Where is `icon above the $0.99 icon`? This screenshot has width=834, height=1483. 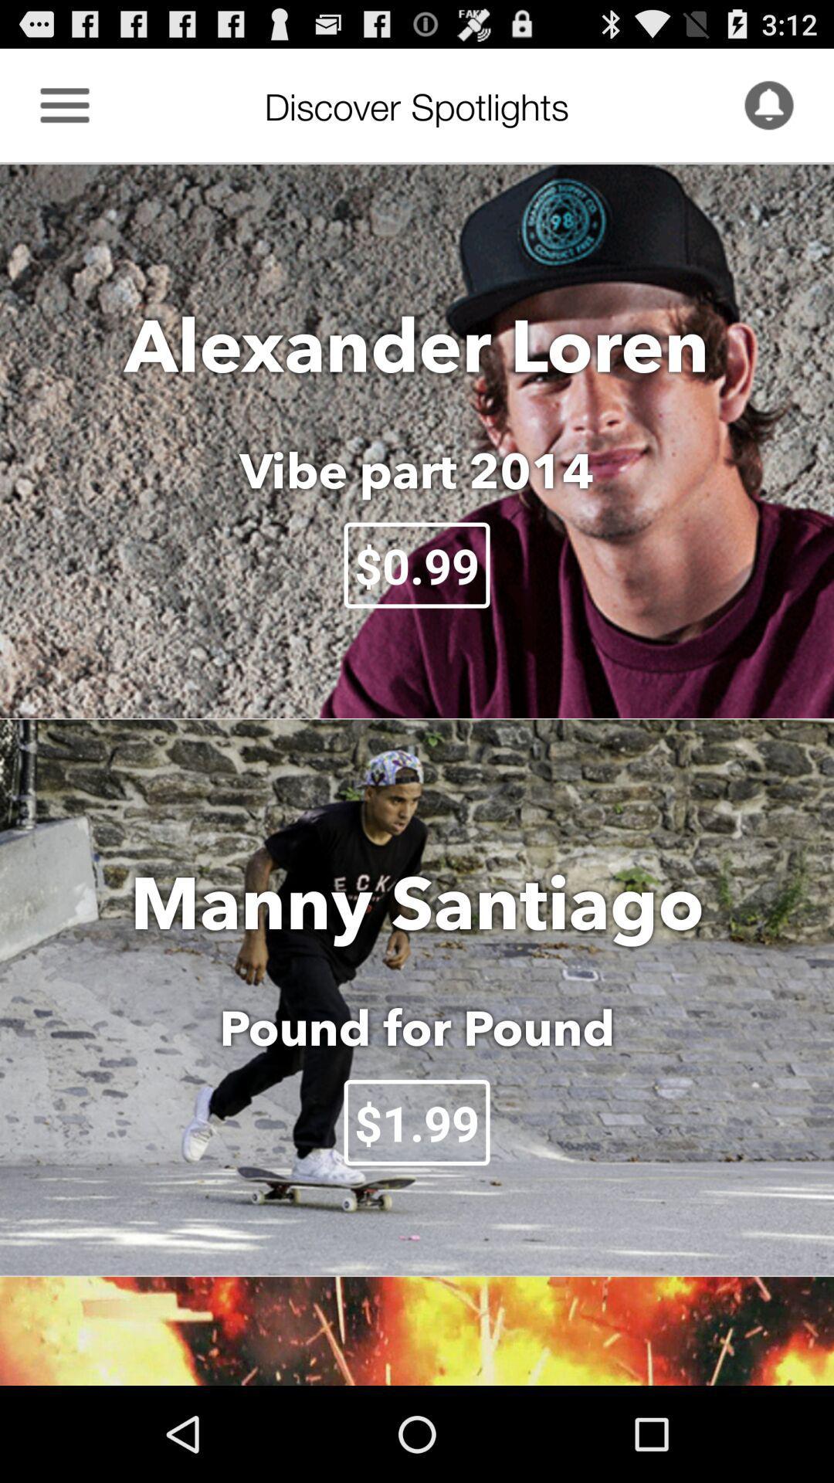
icon above the $0.99 icon is located at coordinates (417, 470).